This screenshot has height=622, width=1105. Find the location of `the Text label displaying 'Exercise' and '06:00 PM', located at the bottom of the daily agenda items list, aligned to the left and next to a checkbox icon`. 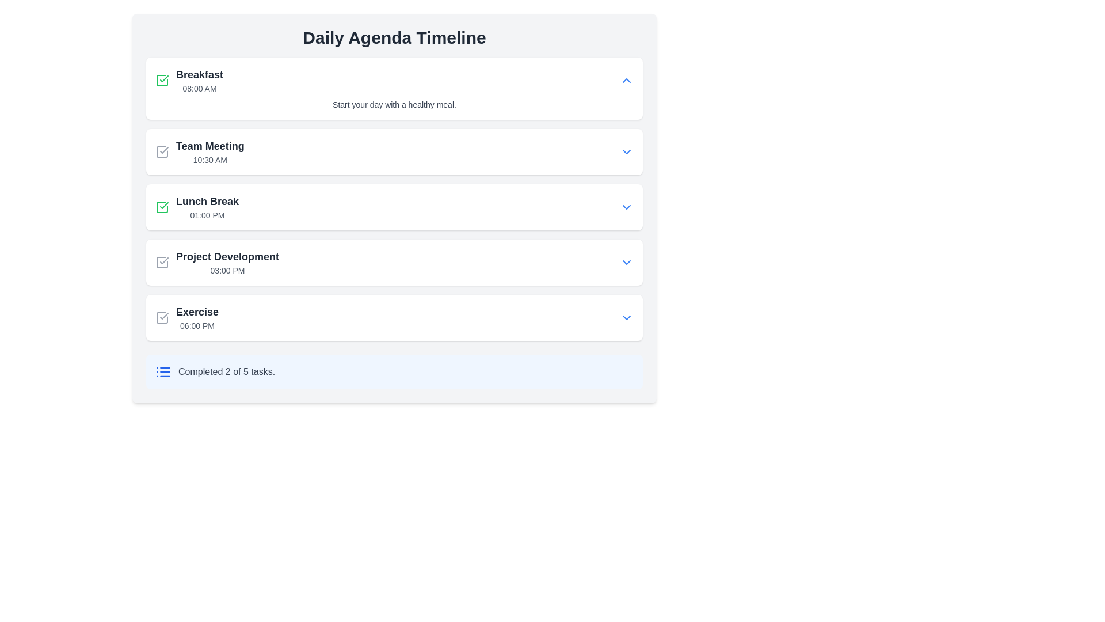

the Text label displaying 'Exercise' and '06:00 PM', located at the bottom of the daily agenda items list, aligned to the left and next to a checkbox icon is located at coordinates (197, 317).